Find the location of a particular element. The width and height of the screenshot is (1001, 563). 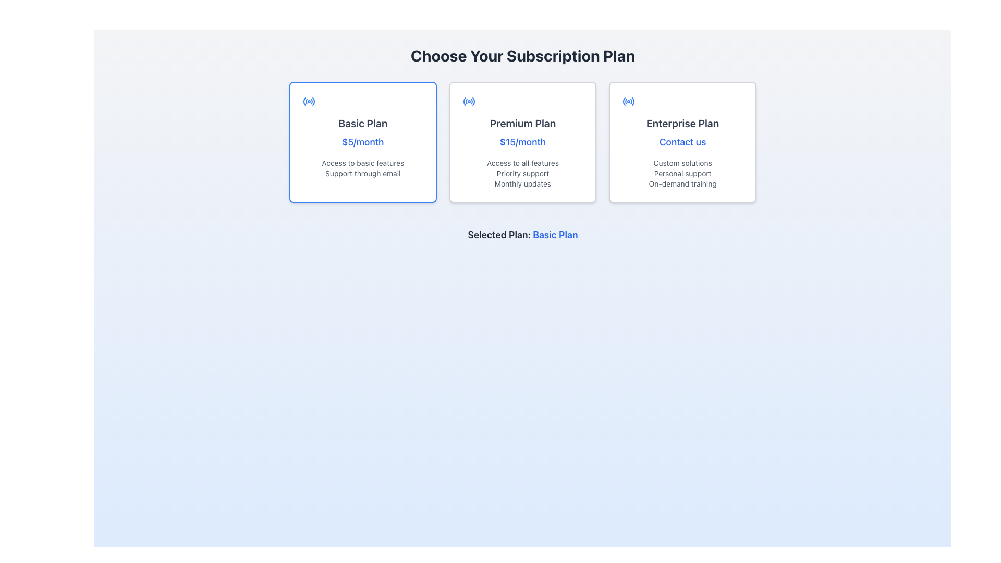

the innermost curve on the left side of the radio icon, which is part of a collection of SVG paths forming a graphic icon is located at coordinates (624, 102).